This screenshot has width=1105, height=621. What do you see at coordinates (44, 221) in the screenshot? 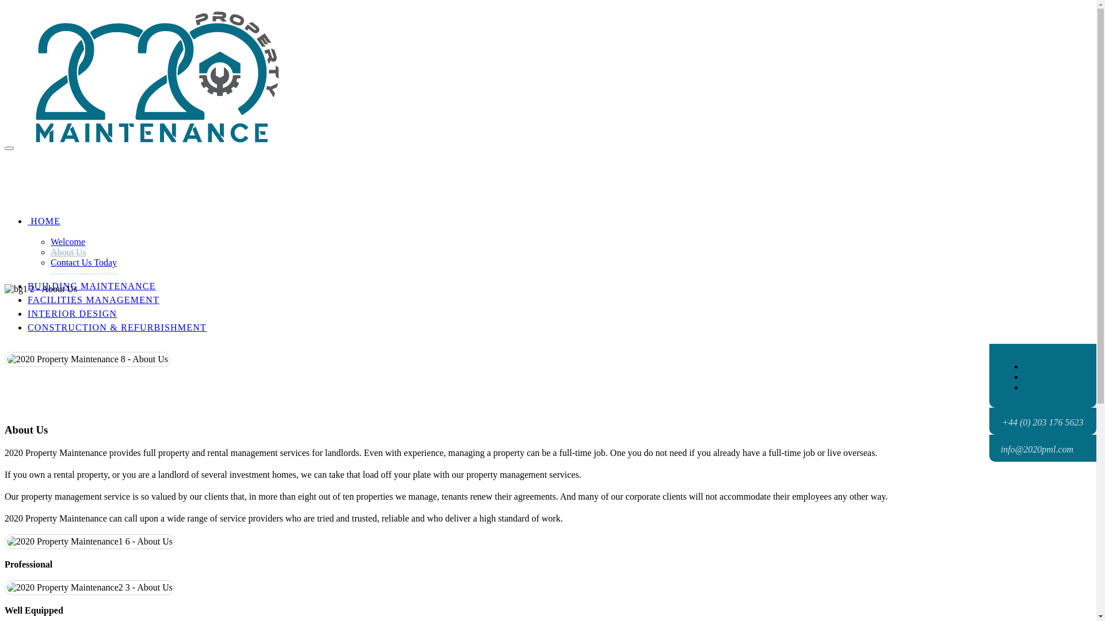
I see `' HOME'` at bounding box center [44, 221].